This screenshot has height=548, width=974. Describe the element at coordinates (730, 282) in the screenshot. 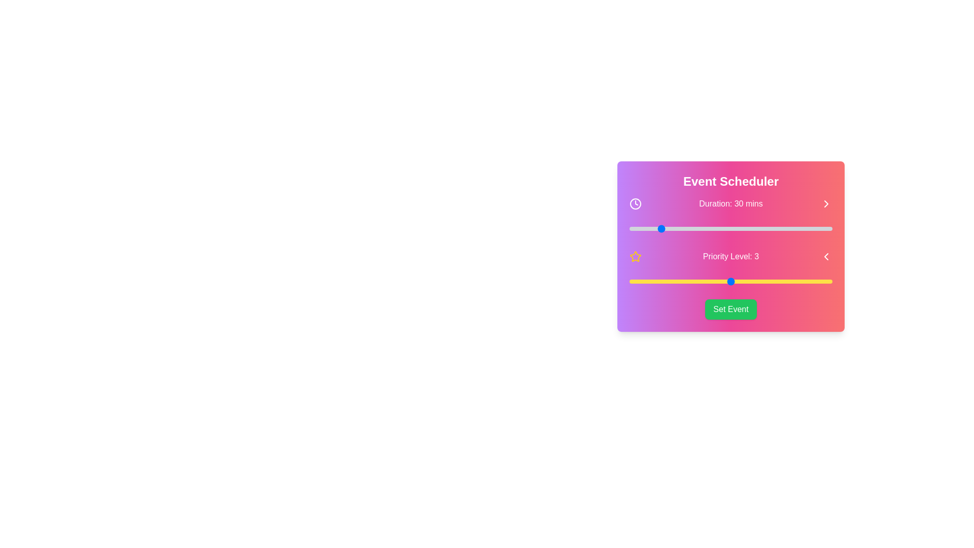

I see `and drag the handle of the yellow horizontal slider located in the 'Event Scheduler' card under the 'Priority Level: 3' label to adjust its value` at that location.